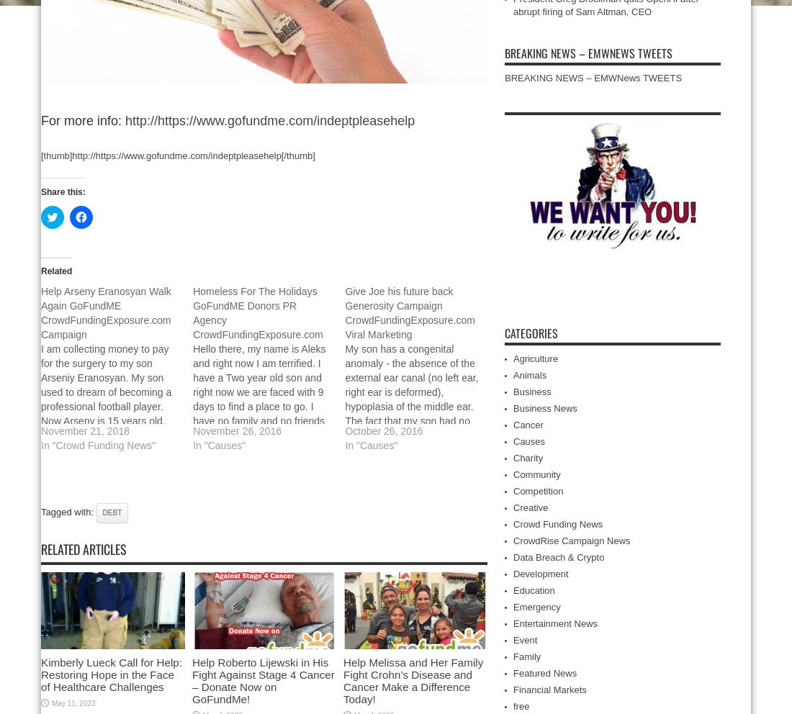  What do you see at coordinates (549, 690) in the screenshot?
I see `'Financial Markets'` at bounding box center [549, 690].